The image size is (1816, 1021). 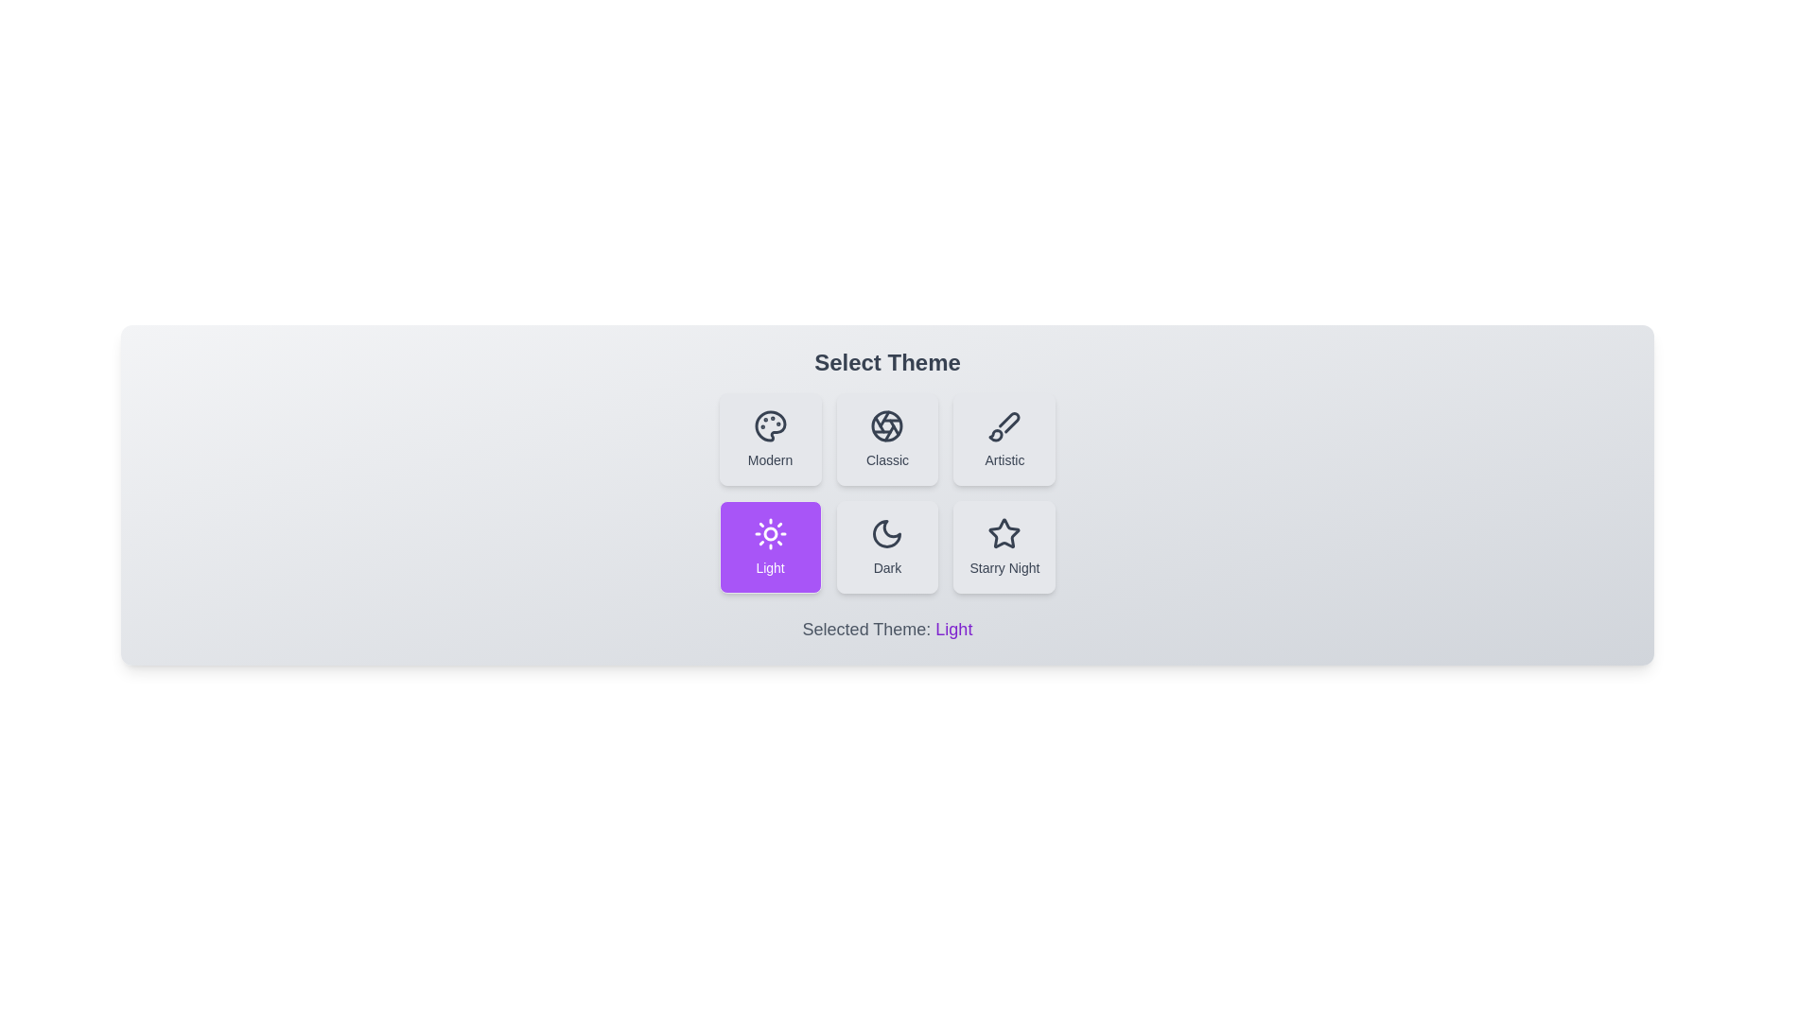 What do you see at coordinates (1004, 546) in the screenshot?
I see `the theme button labeled 'Starry Night' to preview its effect` at bounding box center [1004, 546].